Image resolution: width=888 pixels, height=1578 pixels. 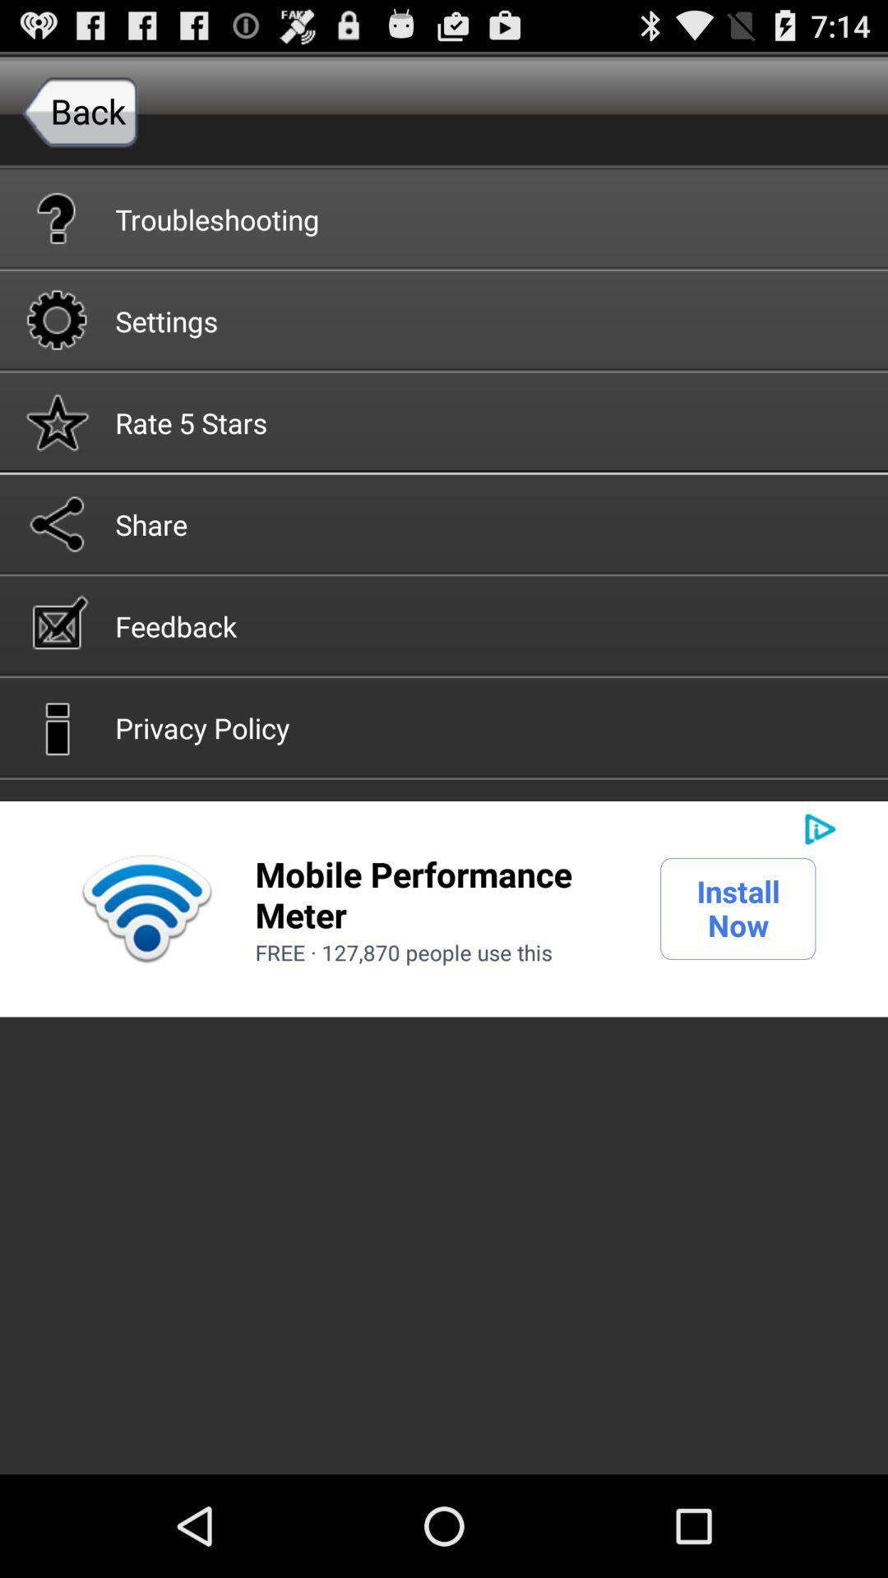 I want to click on the back, so click(x=80, y=110).